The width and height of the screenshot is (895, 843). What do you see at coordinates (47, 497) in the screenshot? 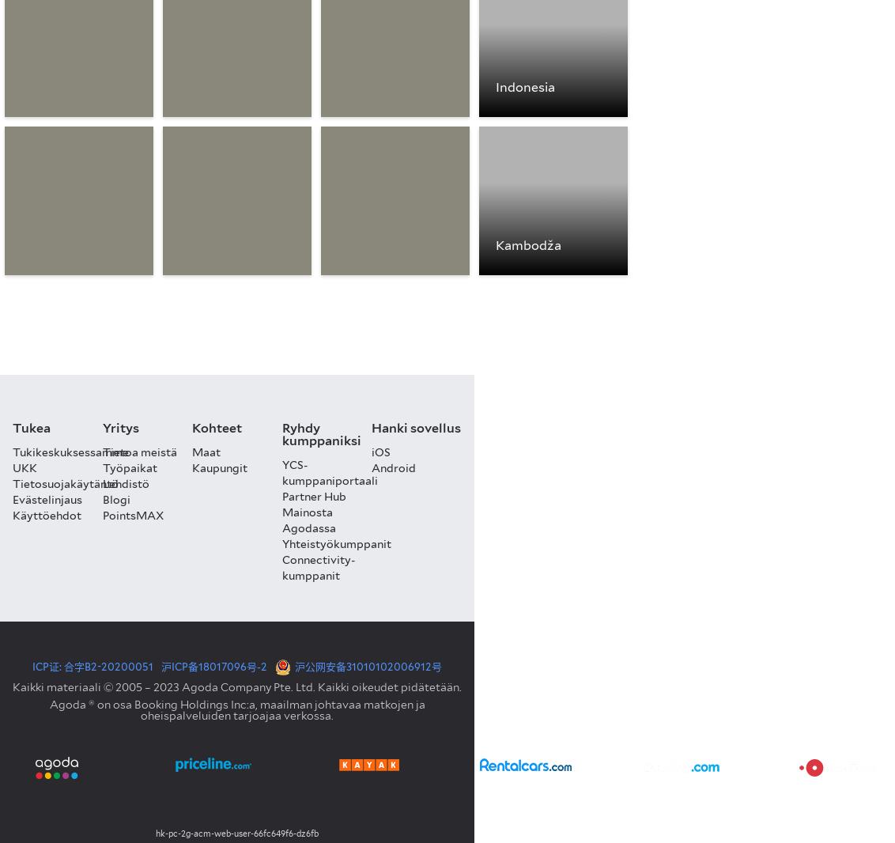
I see `'Evästelinjaus'` at bounding box center [47, 497].